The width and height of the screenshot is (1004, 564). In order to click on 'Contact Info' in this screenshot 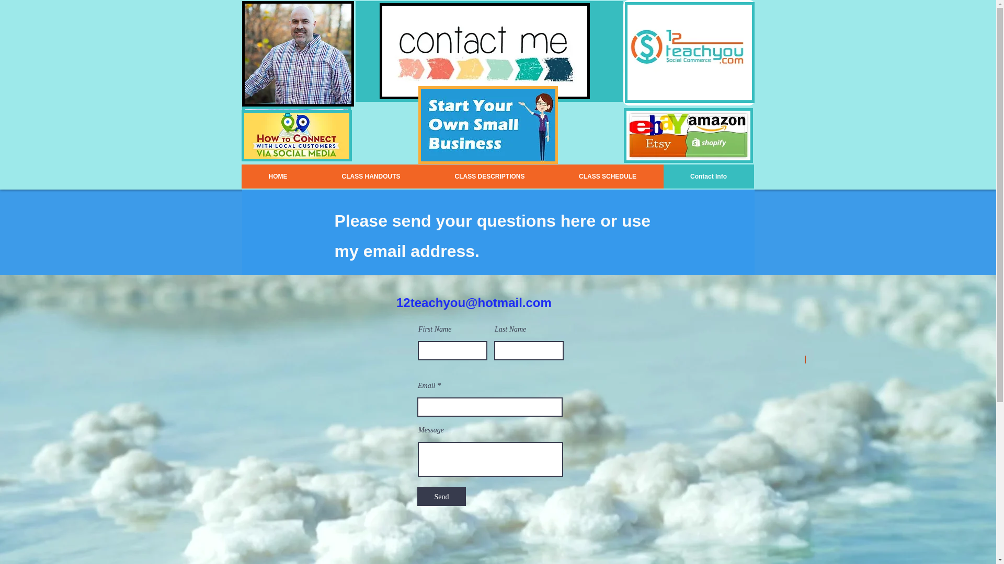, I will do `click(708, 176)`.